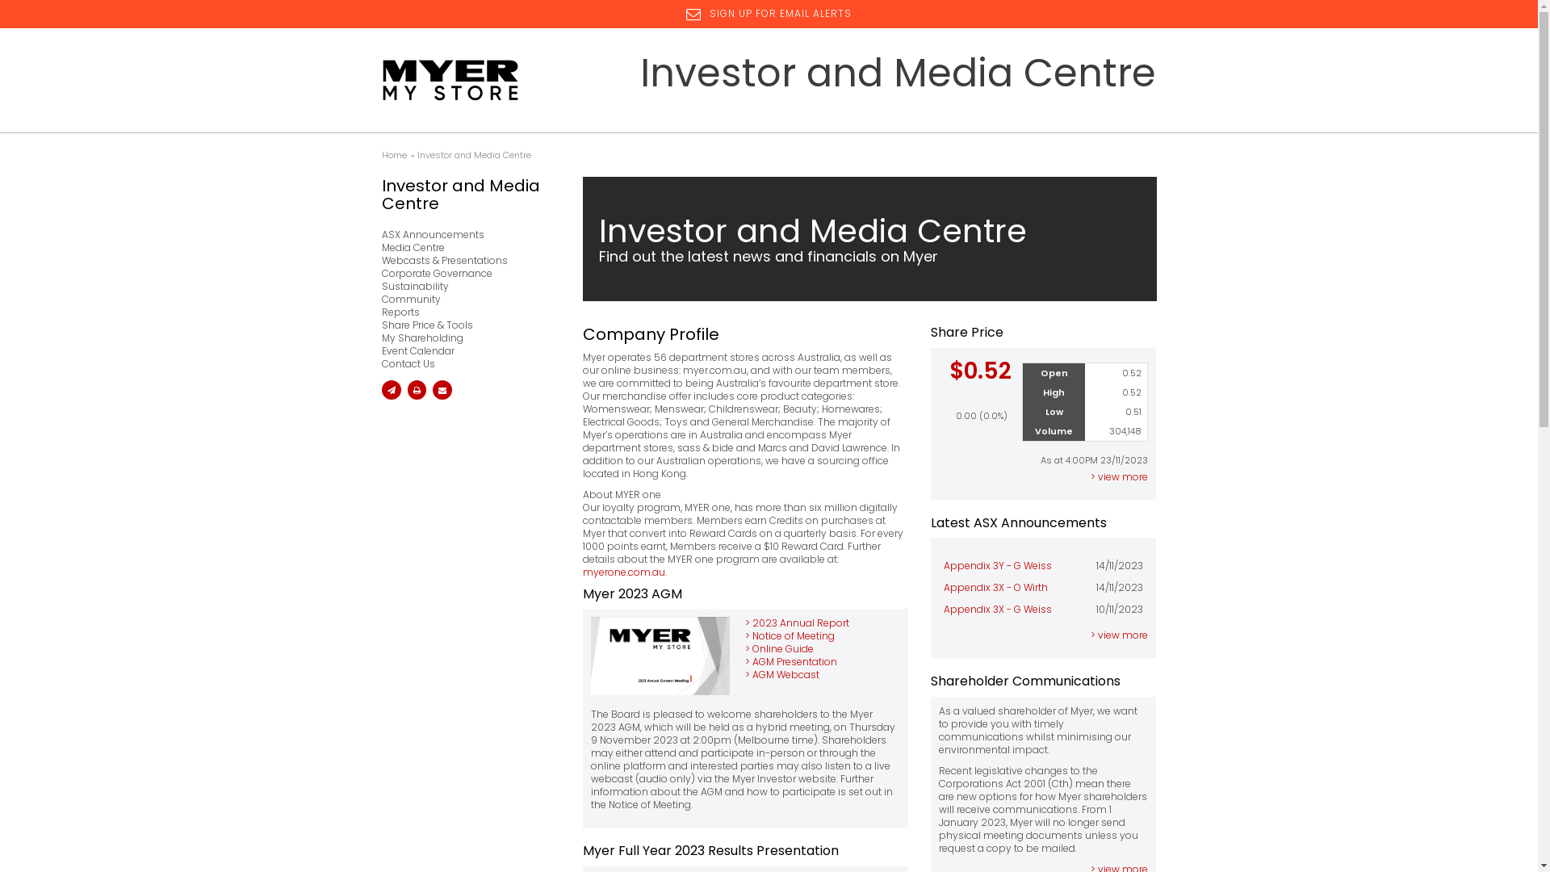  Describe the element at coordinates (744, 674) in the screenshot. I see `'> AGM Webcast'` at that location.